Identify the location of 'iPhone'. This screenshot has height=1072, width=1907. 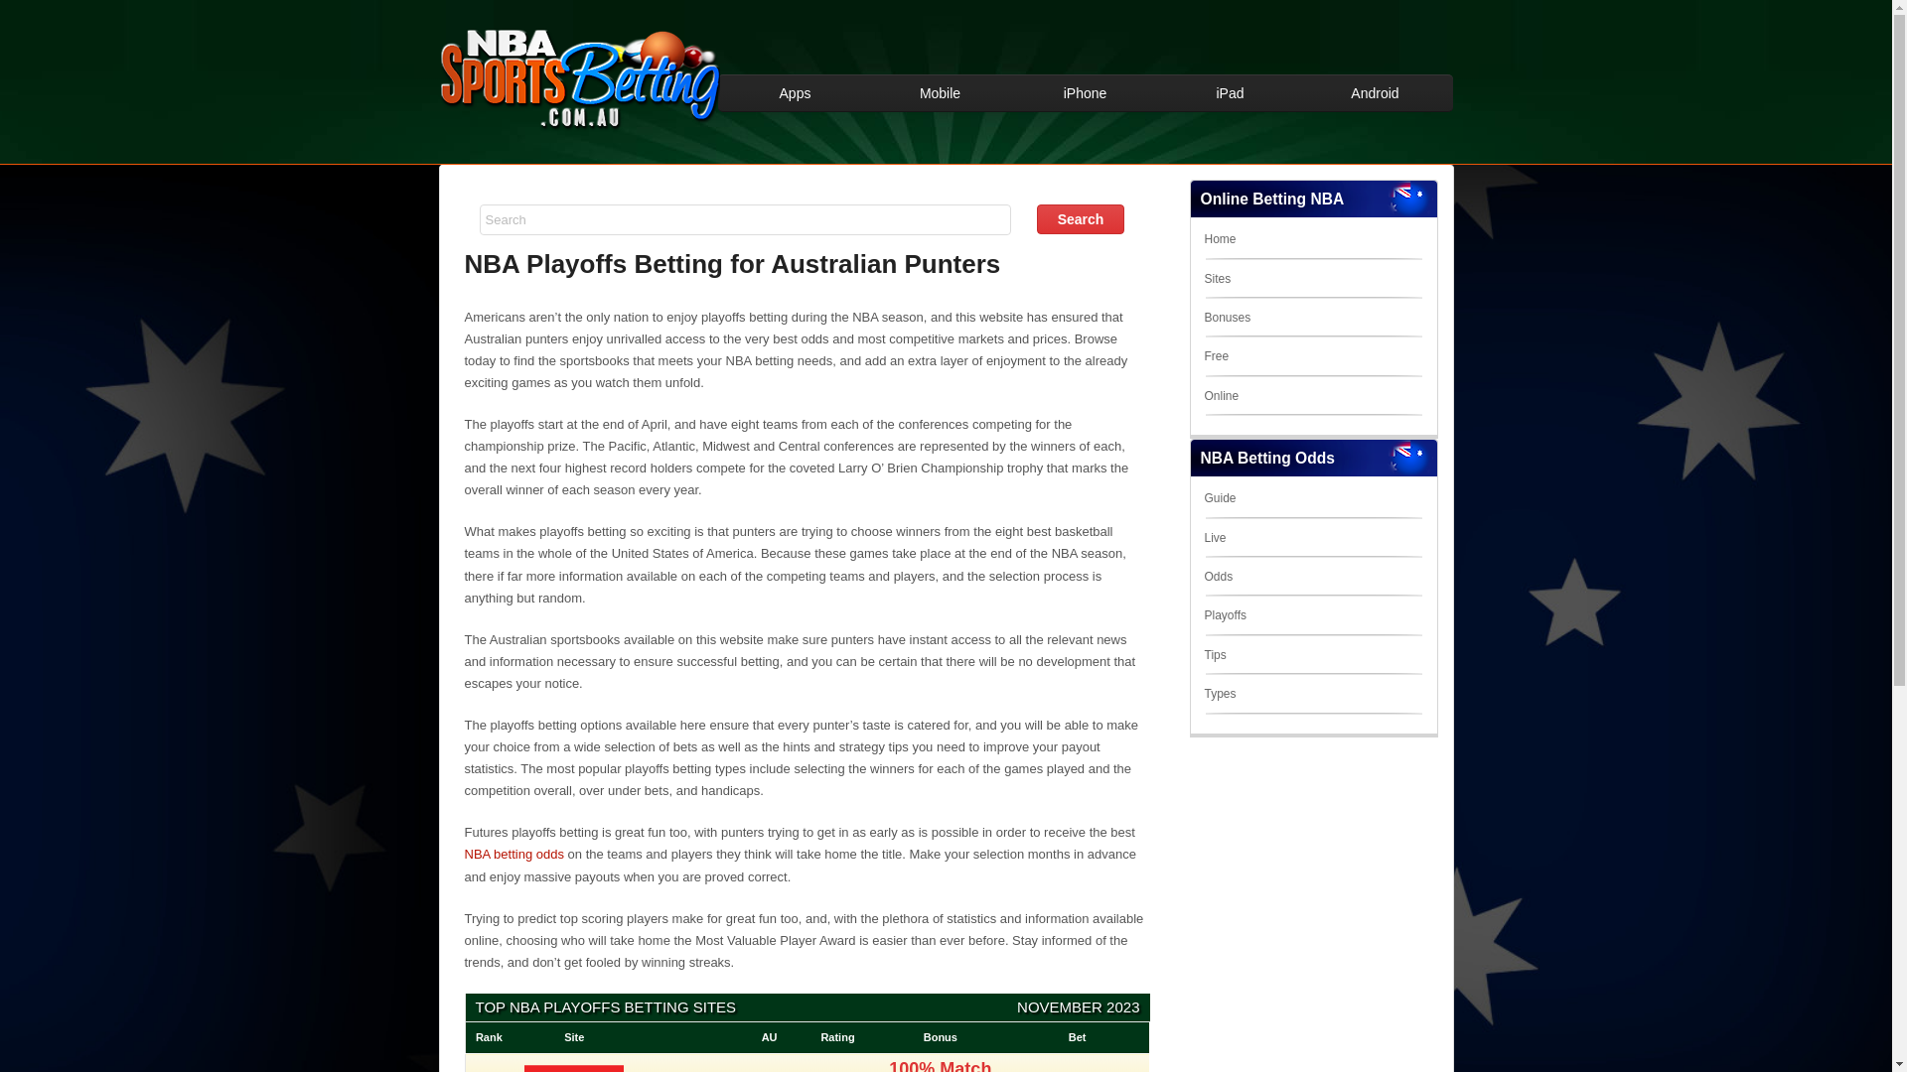
(1085, 92).